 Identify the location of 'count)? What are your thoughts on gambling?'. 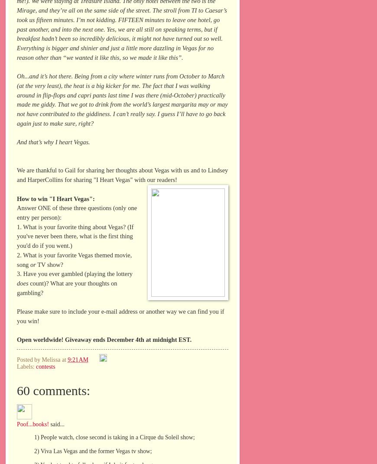
(66, 287).